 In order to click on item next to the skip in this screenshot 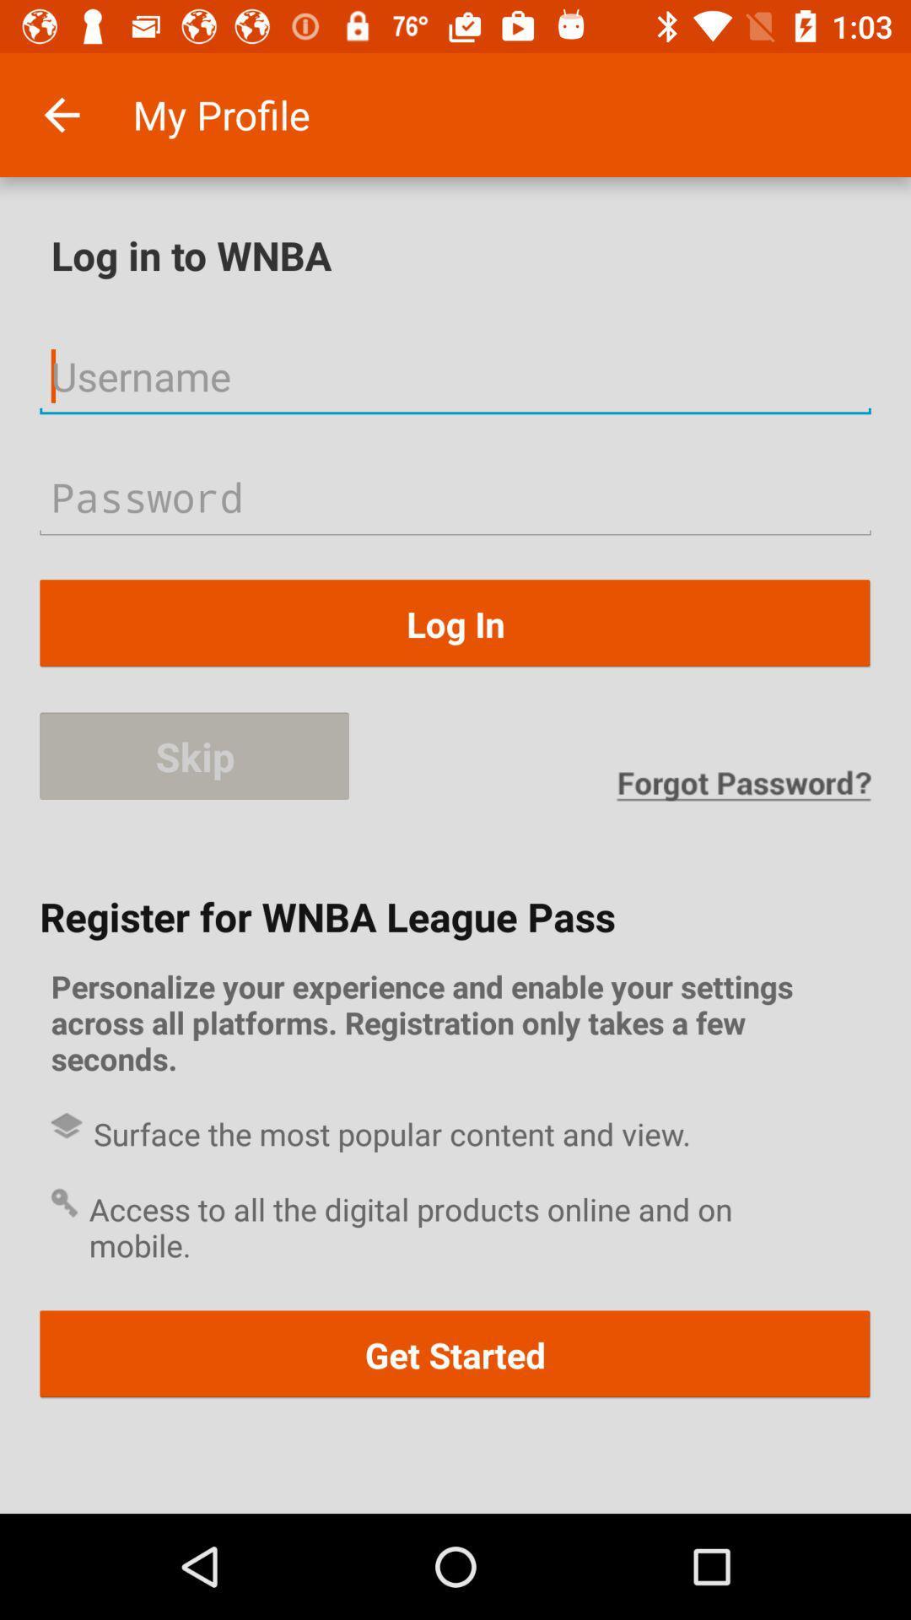, I will do `click(742, 785)`.